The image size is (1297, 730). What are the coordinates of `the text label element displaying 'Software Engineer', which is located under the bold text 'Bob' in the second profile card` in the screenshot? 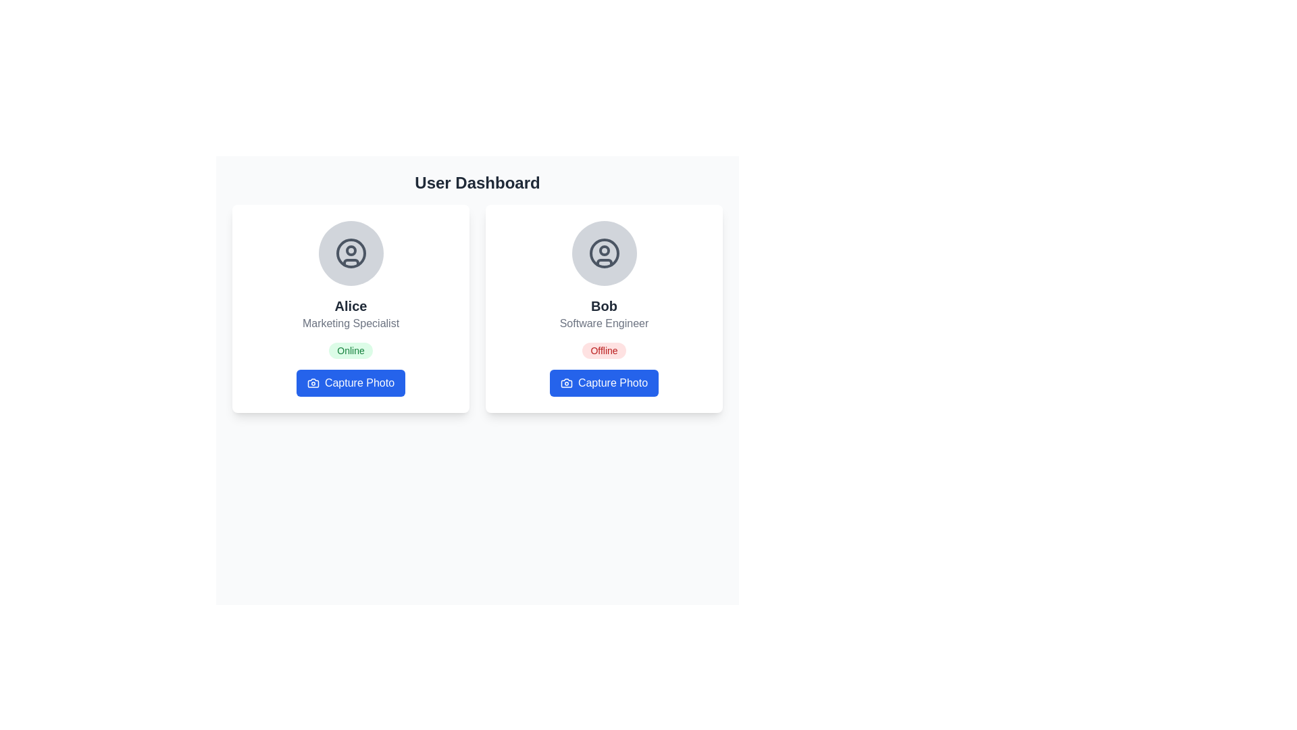 It's located at (603, 323).